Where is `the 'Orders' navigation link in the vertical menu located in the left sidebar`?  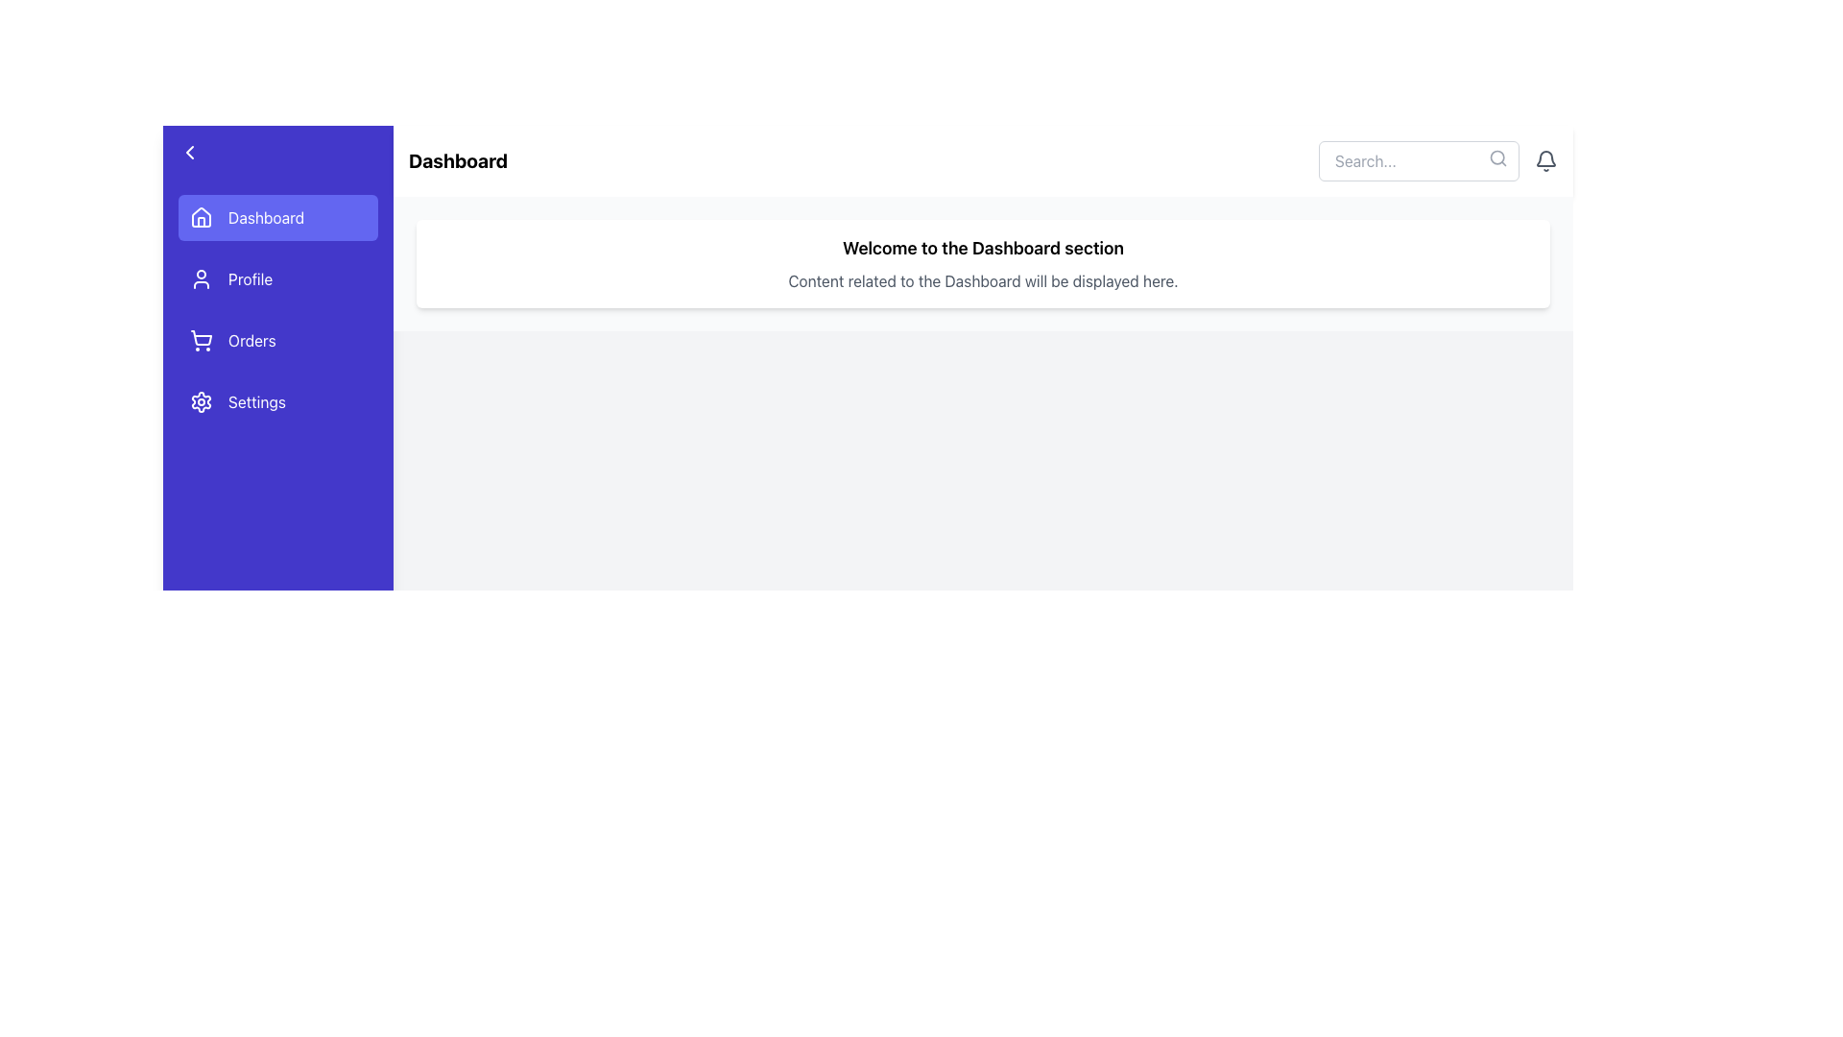
the 'Orders' navigation link in the vertical menu located in the left sidebar is located at coordinates (276, 309).